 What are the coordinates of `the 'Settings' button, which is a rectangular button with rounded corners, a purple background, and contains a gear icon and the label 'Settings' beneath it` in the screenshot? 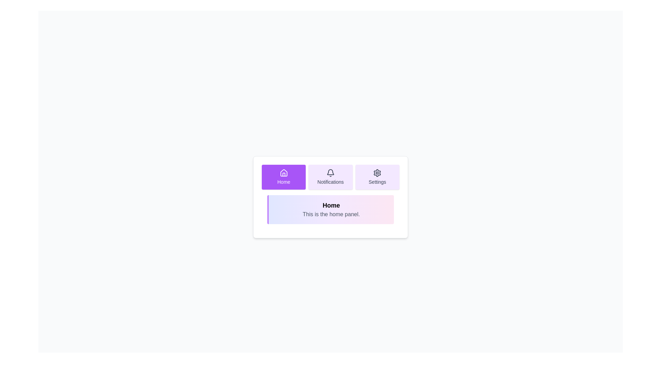 It's located at (377, 177).